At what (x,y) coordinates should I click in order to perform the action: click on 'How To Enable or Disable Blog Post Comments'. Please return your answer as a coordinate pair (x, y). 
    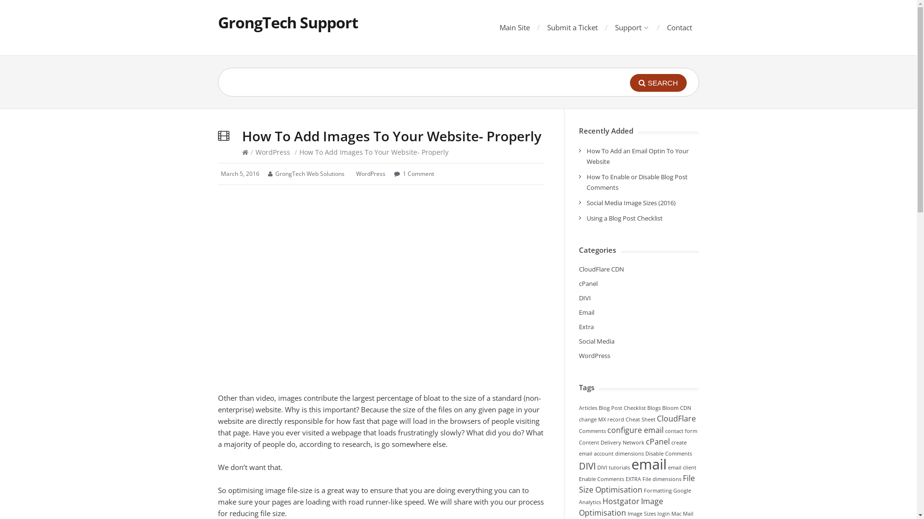
    Looking at the image, I should click on (637, 182).